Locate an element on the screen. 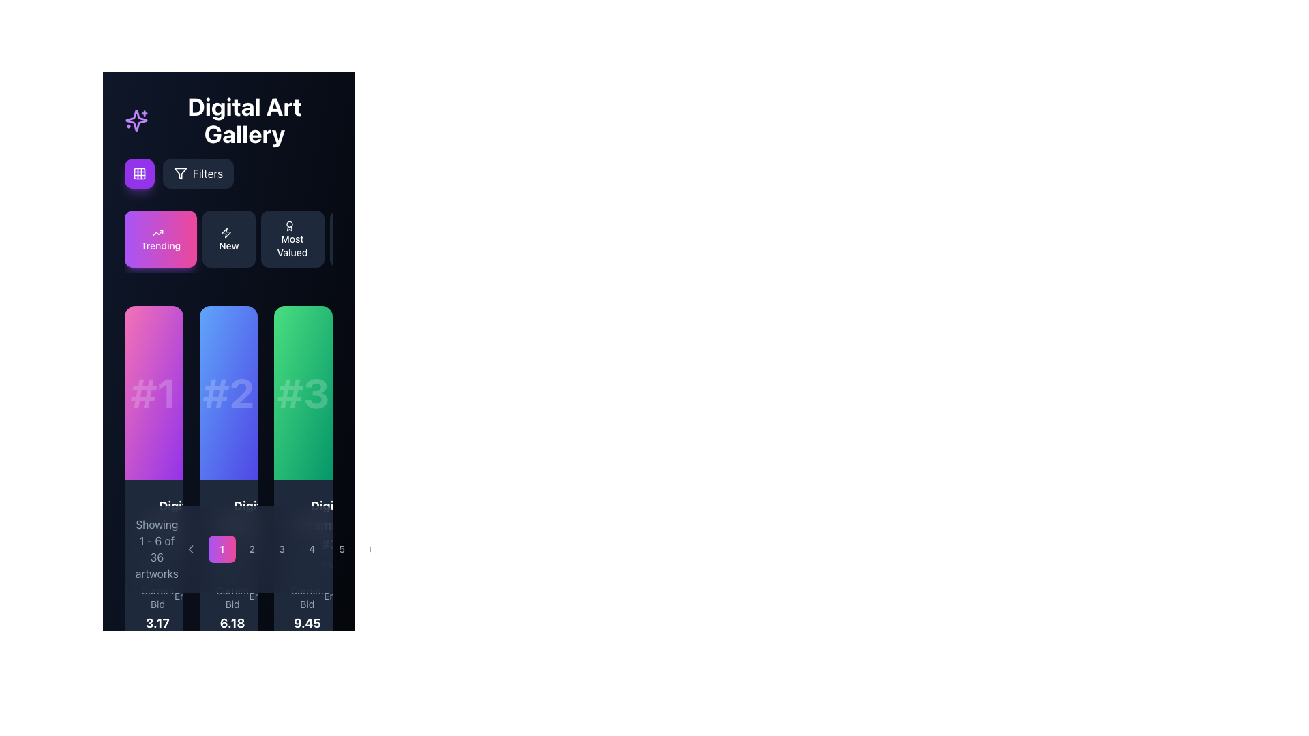 The width and height of the screenshot is (1309, 736). the first button on the left in the row of buttons is located at coordinates (161, 239).